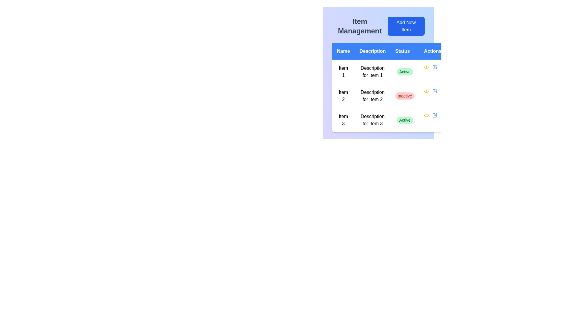  Describe the element at coordinates (405, 51) in the screenshot. I see `the 'Status' text label, which is displayed in white font as part of a table header with a blue background, located between 'Description' and 'Actions'` at that location.